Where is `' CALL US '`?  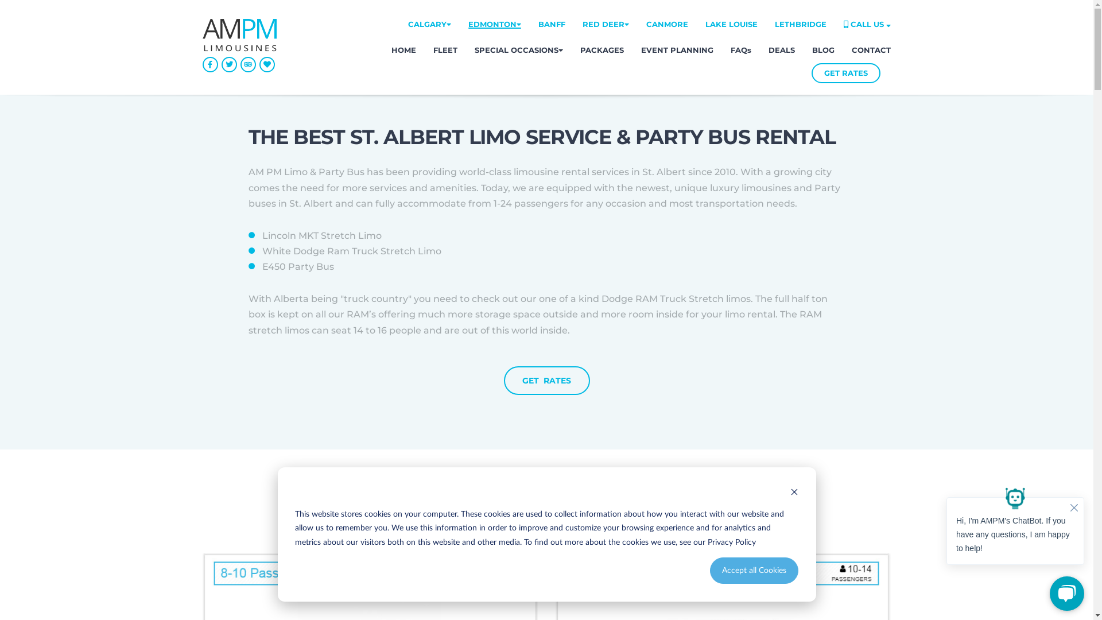
' CALL US ' is located at coordinates (867, 24).